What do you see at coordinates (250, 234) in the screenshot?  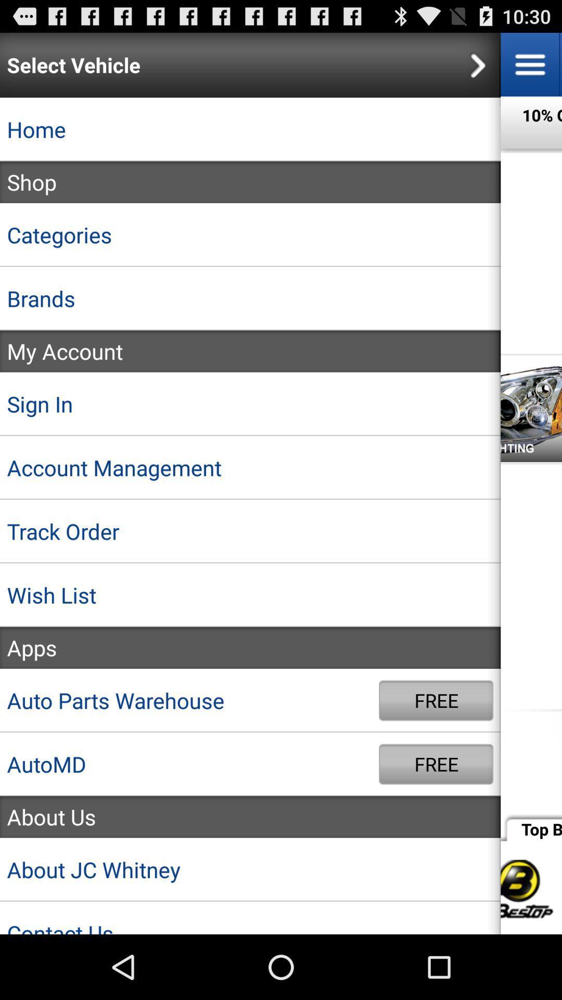 I see `the categories` at bounding box center [250, 234].